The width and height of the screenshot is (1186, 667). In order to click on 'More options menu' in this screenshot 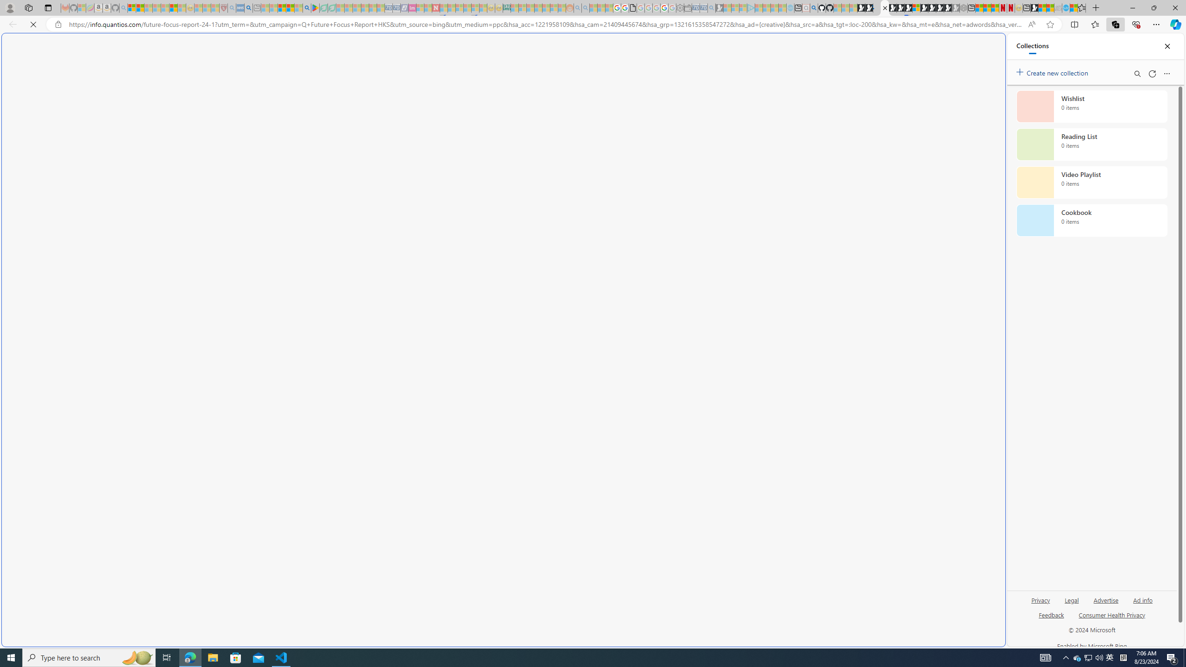, I will do `click(1167, 73)`.